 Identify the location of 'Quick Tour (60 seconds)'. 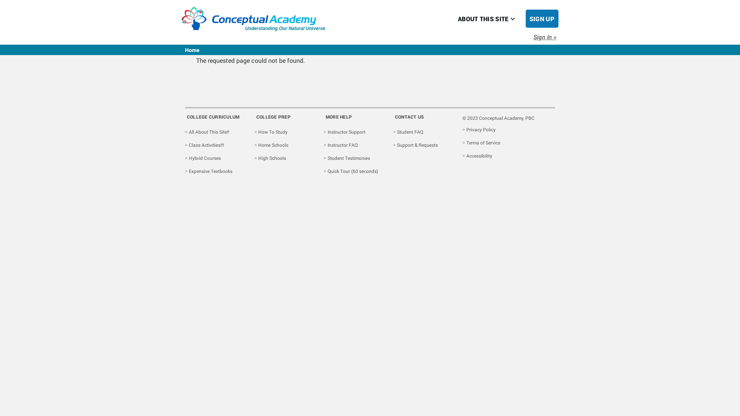
(352, 170).